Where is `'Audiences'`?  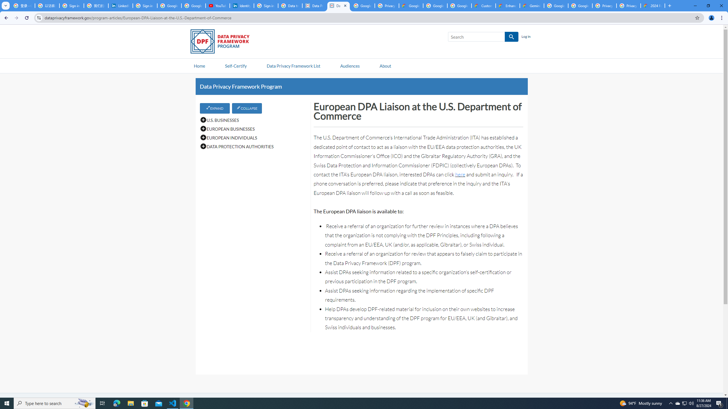
'Audiences' is located at coordinates (350, 65).